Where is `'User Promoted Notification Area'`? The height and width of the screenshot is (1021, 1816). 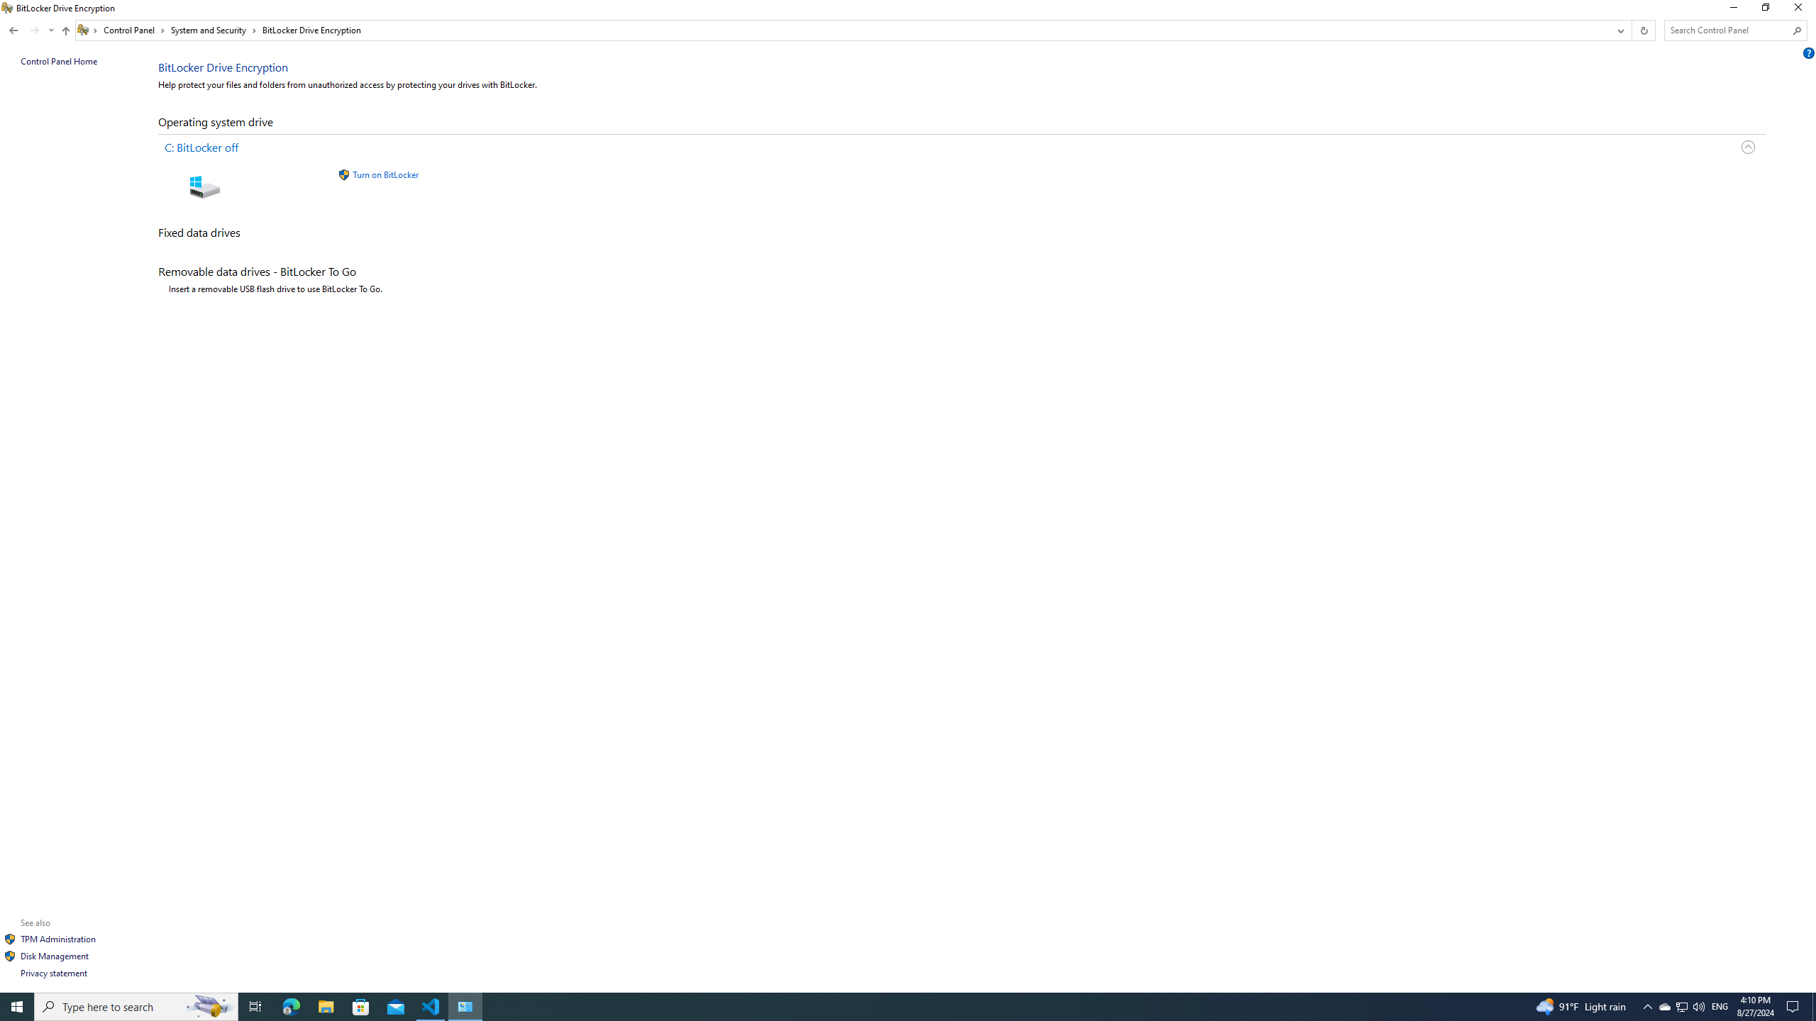
'User Promoted Notification Area' is located at coordinates (1681, 1005).